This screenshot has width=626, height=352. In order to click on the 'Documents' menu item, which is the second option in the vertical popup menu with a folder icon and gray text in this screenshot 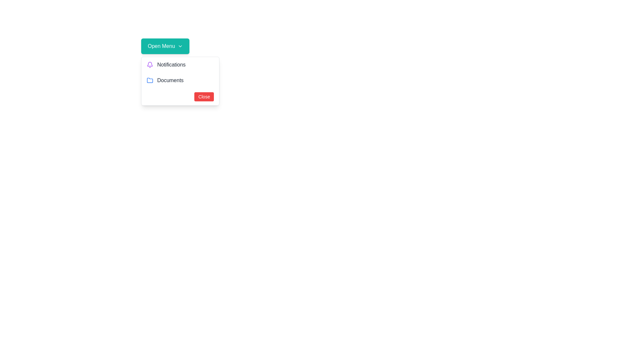, I will do `click(180, 80)`.